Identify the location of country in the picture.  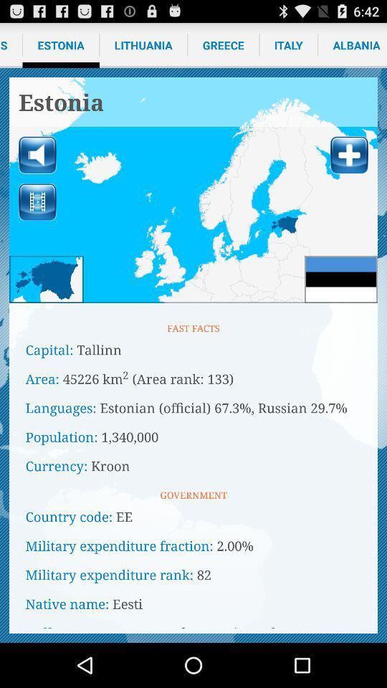
(46, 278).